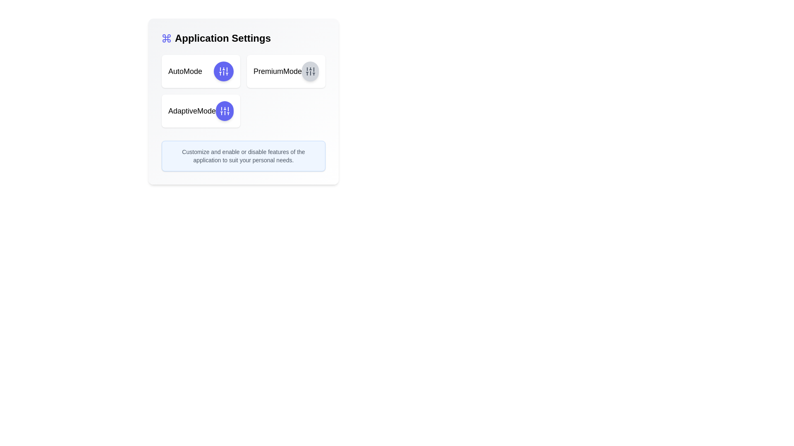  What do you see at coordinates (310, 71) in the screenshot?
I see `the settings icon for 'PremiumMode' located within the circular button` at bounding box center [310, 71].